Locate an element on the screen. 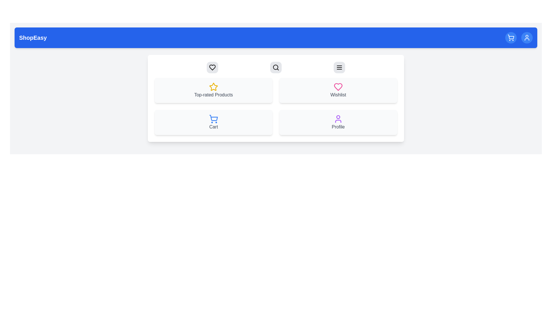 The width and height of the screenshot is (549, 309). the bold 'ShopEasy' text label located on the left side of the top navigation bar, which features a white font on a blue background is located at coordinates (33, 37).